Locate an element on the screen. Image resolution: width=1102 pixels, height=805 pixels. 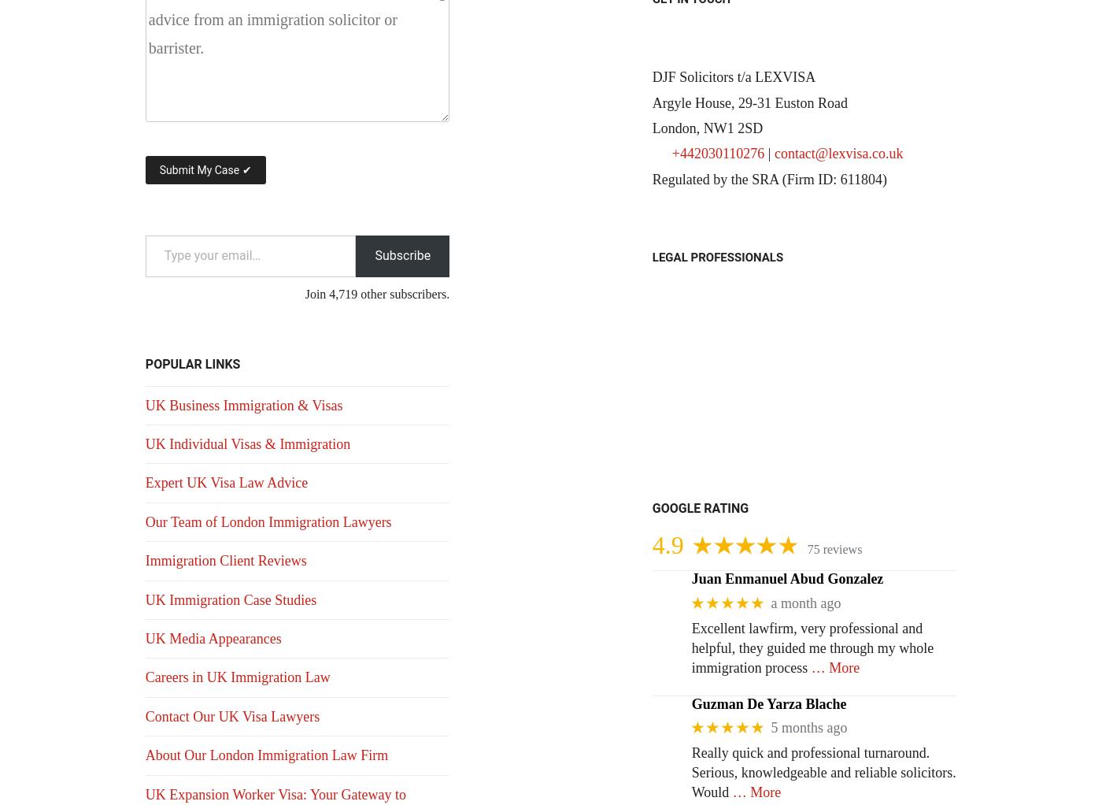
'+442030110276' is located at coordinates (671, 153).